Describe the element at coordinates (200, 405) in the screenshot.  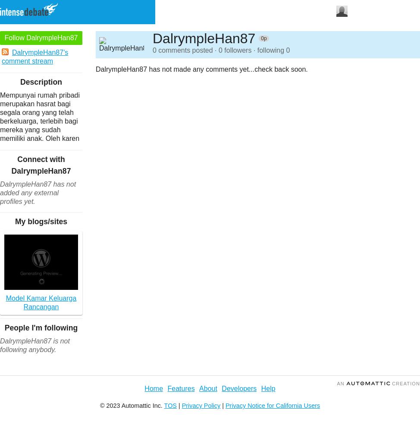
I see `'Privacy Policy'` at that location.